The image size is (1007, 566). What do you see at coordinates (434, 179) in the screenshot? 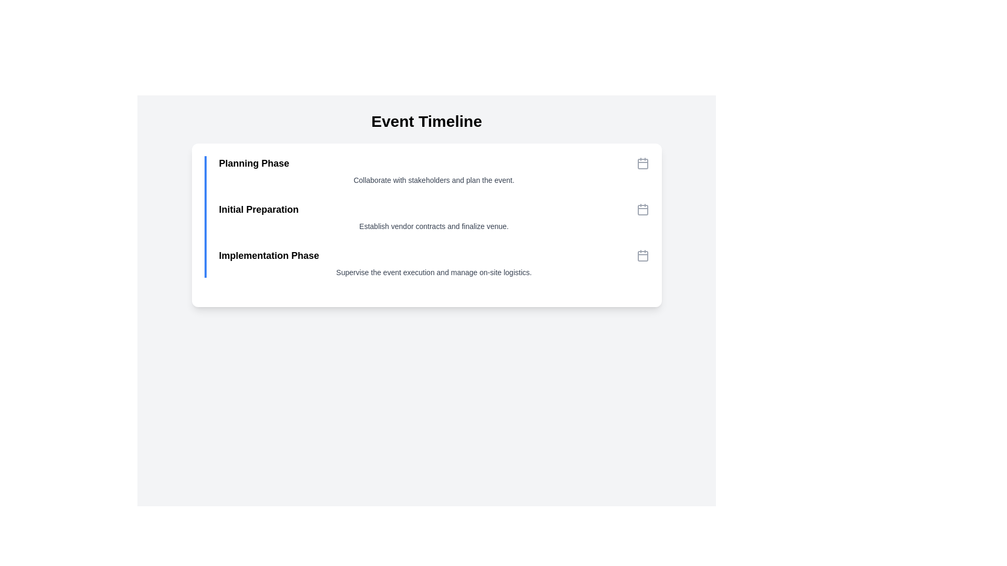
I see `the static text that provides detailed information about the 'Planning Phase' in the event timeline, positioned below the 'Planning Phase' header` at bounding box center [434, 179].